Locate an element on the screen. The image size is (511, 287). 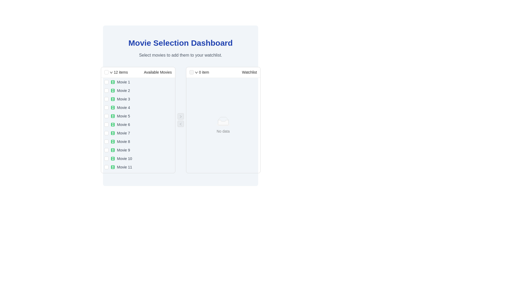
the text label indicating 'Movie 5', which is the fifth item in the 'Available Movies' column, located between 'Movie 4' and 'Movie 6' is located at coordinates (123, 116).